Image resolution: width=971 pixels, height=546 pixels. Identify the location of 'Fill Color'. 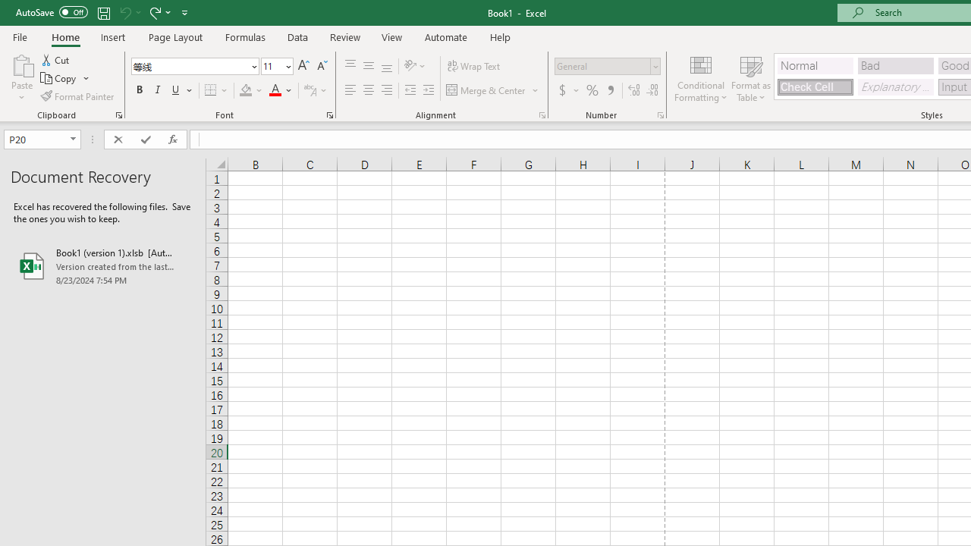
(251, 90).